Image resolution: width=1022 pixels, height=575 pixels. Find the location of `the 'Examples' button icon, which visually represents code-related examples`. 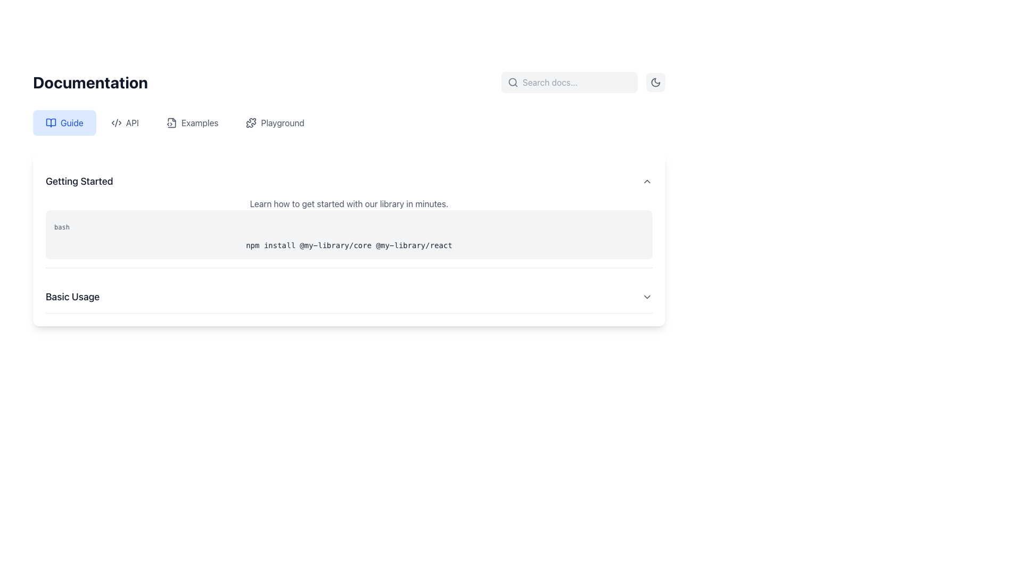

the 'Examples' button icon, which visually represents code-related examples is located at coordinates (171, 122).